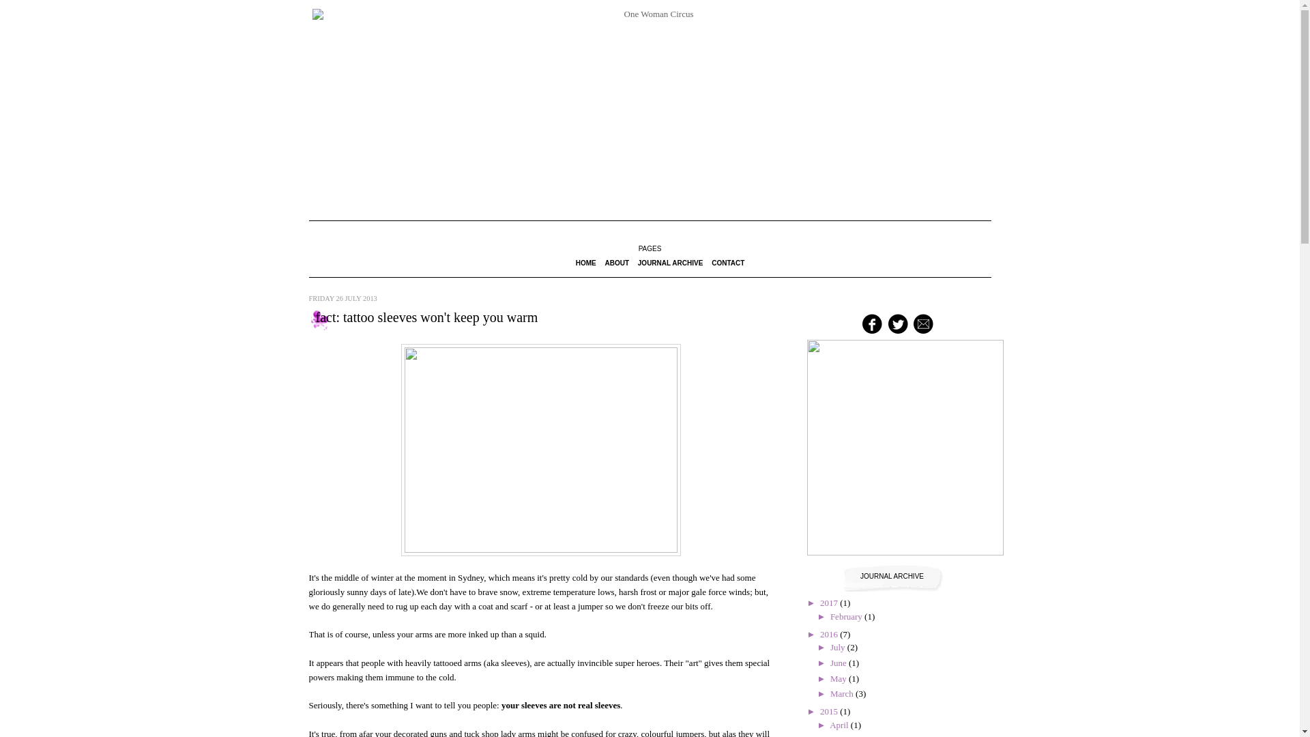 This screenshot has width=1310, height=737. I want to click on '2017', so click(829, 602).